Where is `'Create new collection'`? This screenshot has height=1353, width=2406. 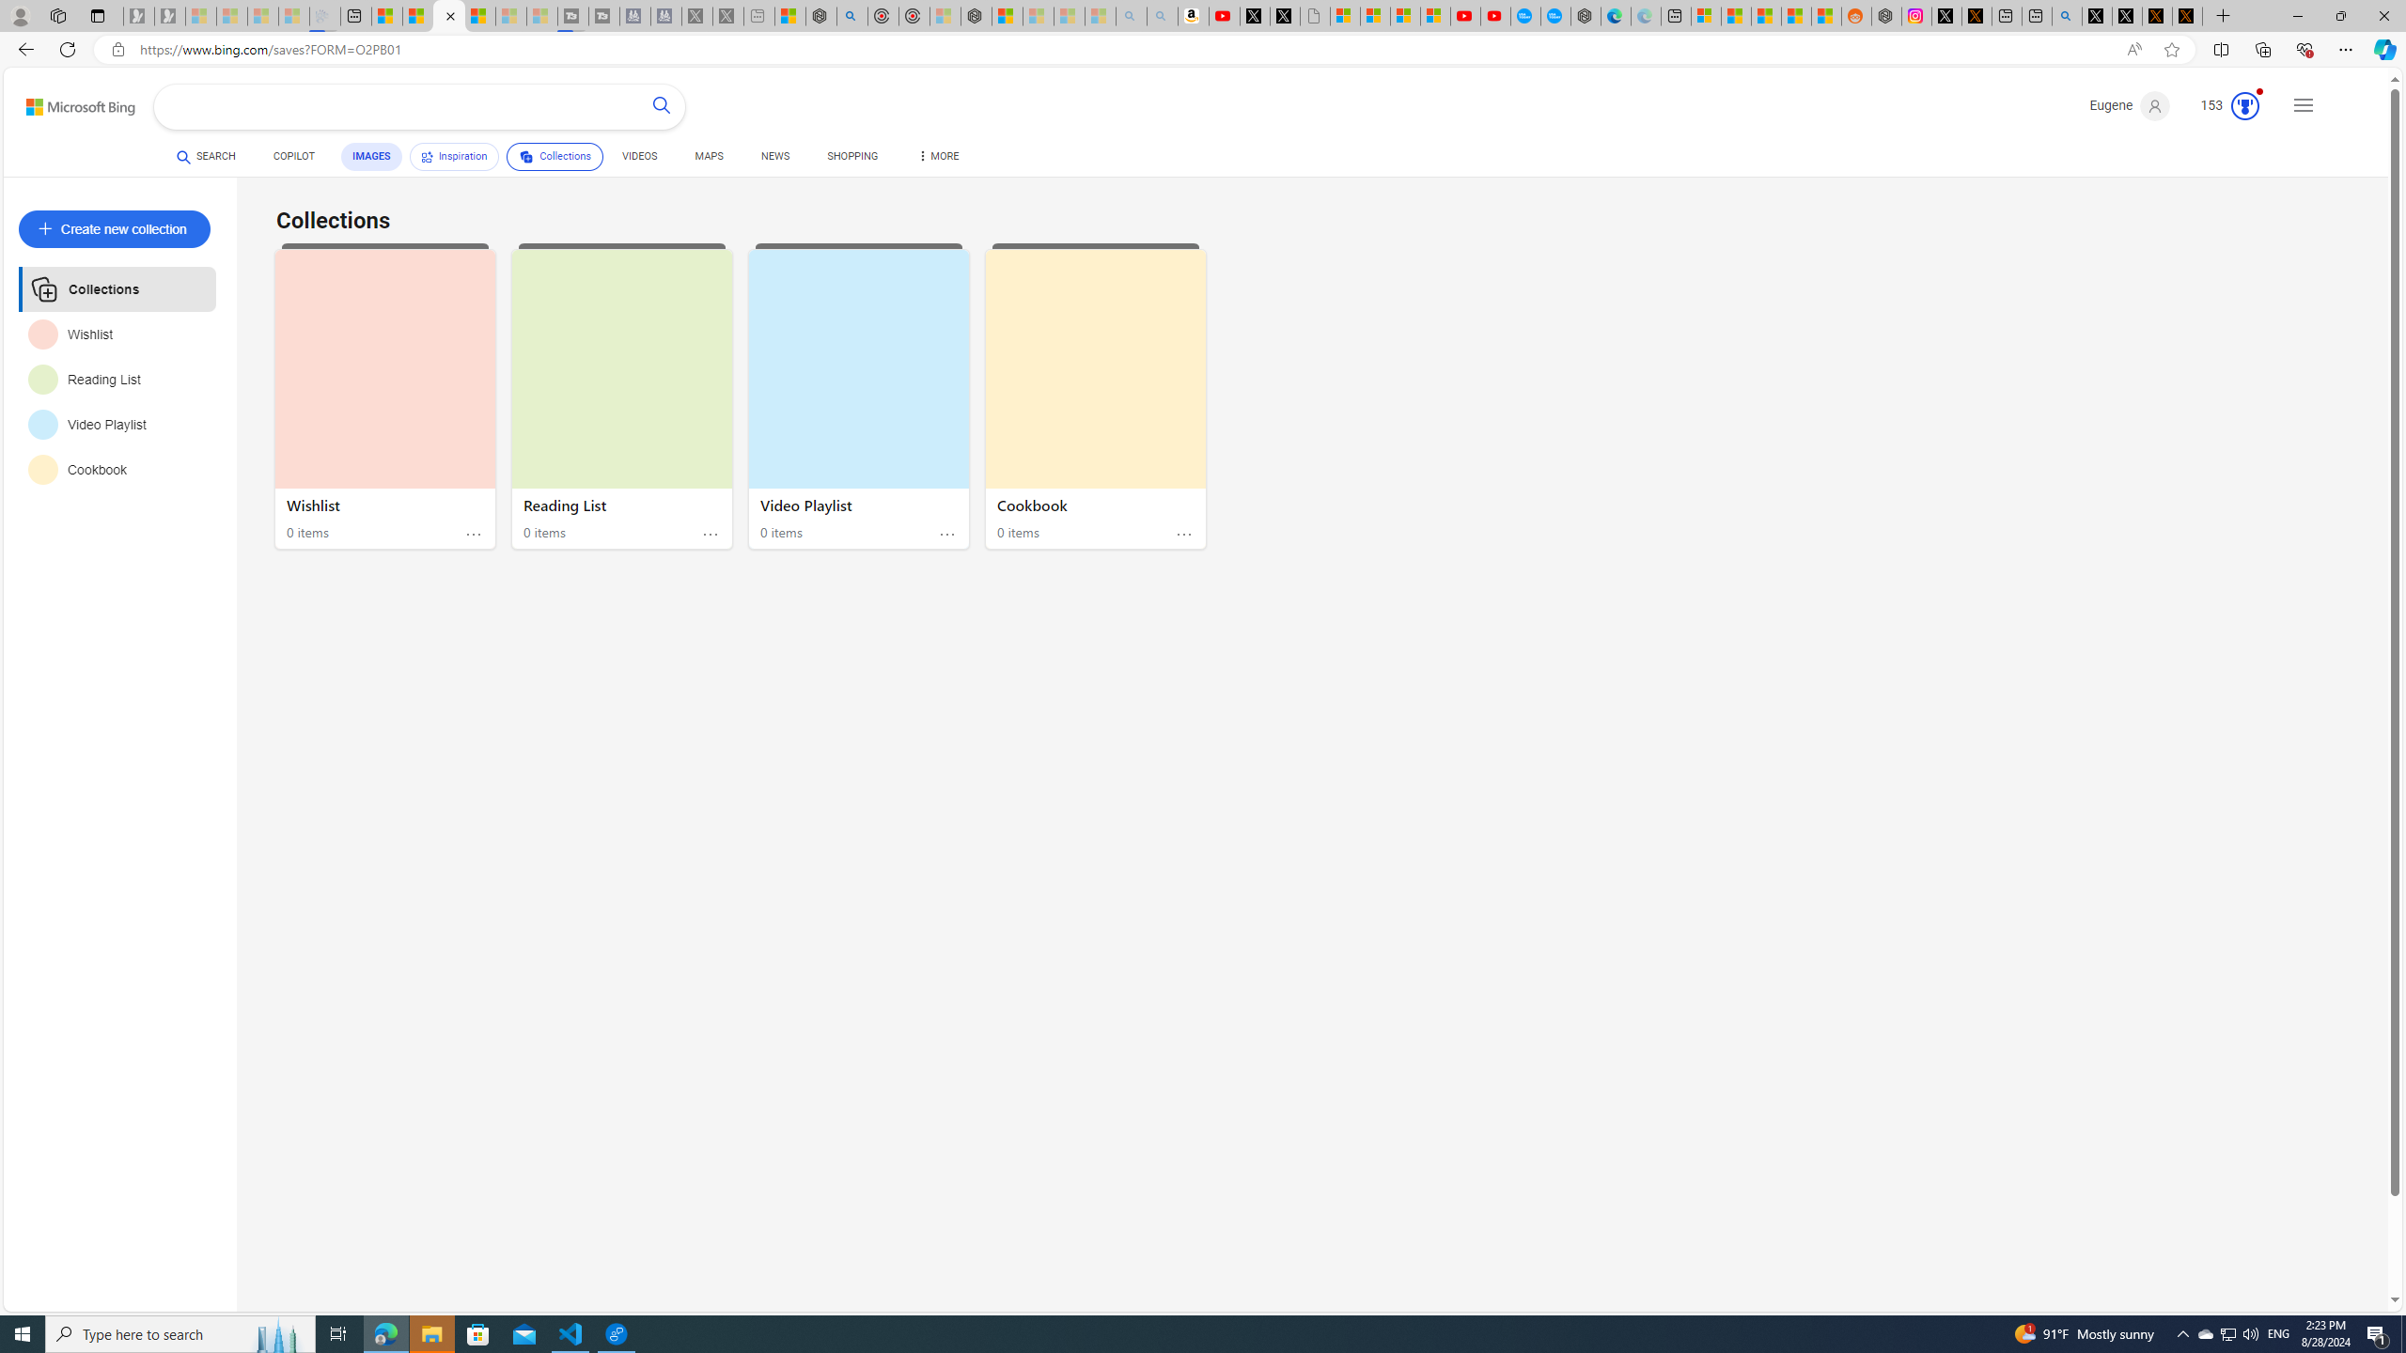 'Create new collection' is located at coordinates (115, 229).